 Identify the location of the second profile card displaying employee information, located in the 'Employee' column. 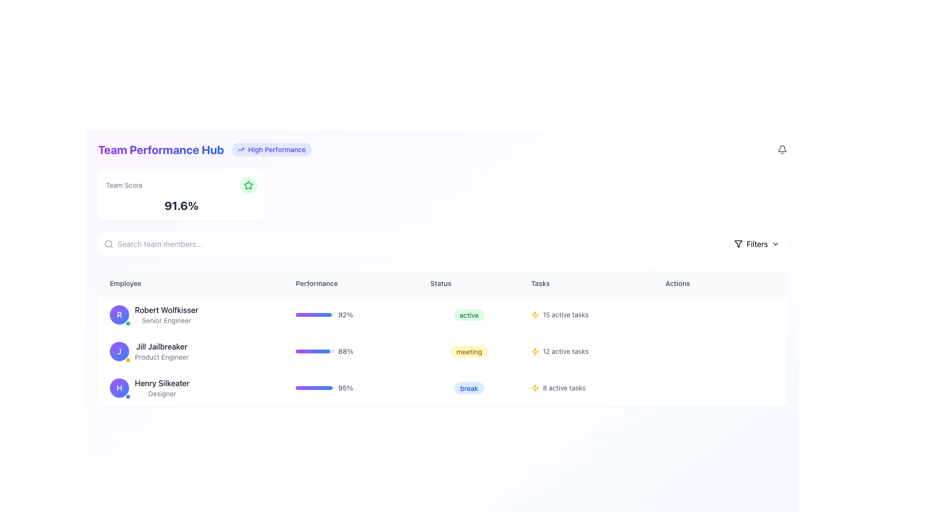
(191, 351).